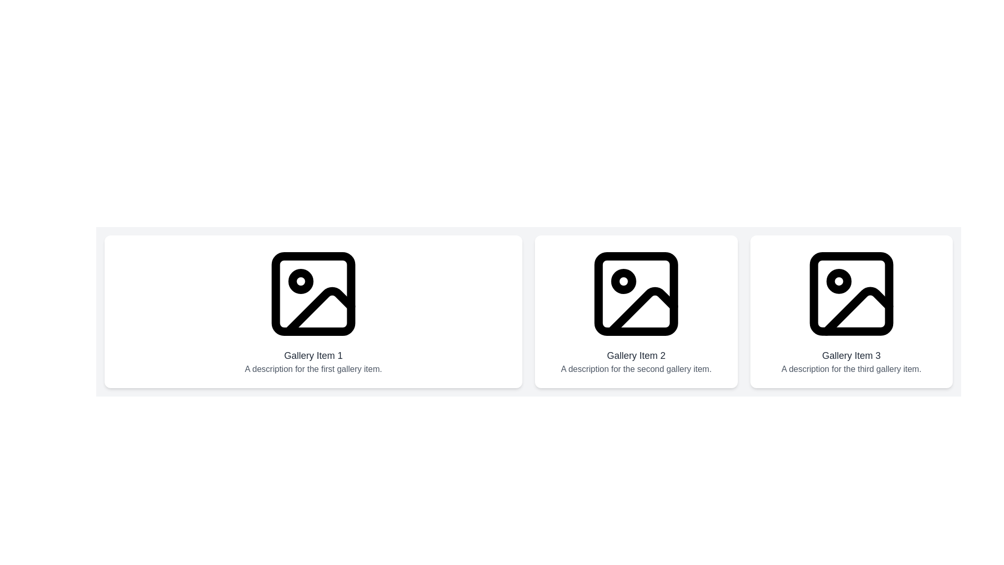 The height and width of the screenshot is (565, 1004). Describe the element at coordinates (300, 280) in the screenshot. I see `the small circle element located in the upper left area of the SVG image, which is part of the leftmost gallery item above the mountain illustration` at that location.